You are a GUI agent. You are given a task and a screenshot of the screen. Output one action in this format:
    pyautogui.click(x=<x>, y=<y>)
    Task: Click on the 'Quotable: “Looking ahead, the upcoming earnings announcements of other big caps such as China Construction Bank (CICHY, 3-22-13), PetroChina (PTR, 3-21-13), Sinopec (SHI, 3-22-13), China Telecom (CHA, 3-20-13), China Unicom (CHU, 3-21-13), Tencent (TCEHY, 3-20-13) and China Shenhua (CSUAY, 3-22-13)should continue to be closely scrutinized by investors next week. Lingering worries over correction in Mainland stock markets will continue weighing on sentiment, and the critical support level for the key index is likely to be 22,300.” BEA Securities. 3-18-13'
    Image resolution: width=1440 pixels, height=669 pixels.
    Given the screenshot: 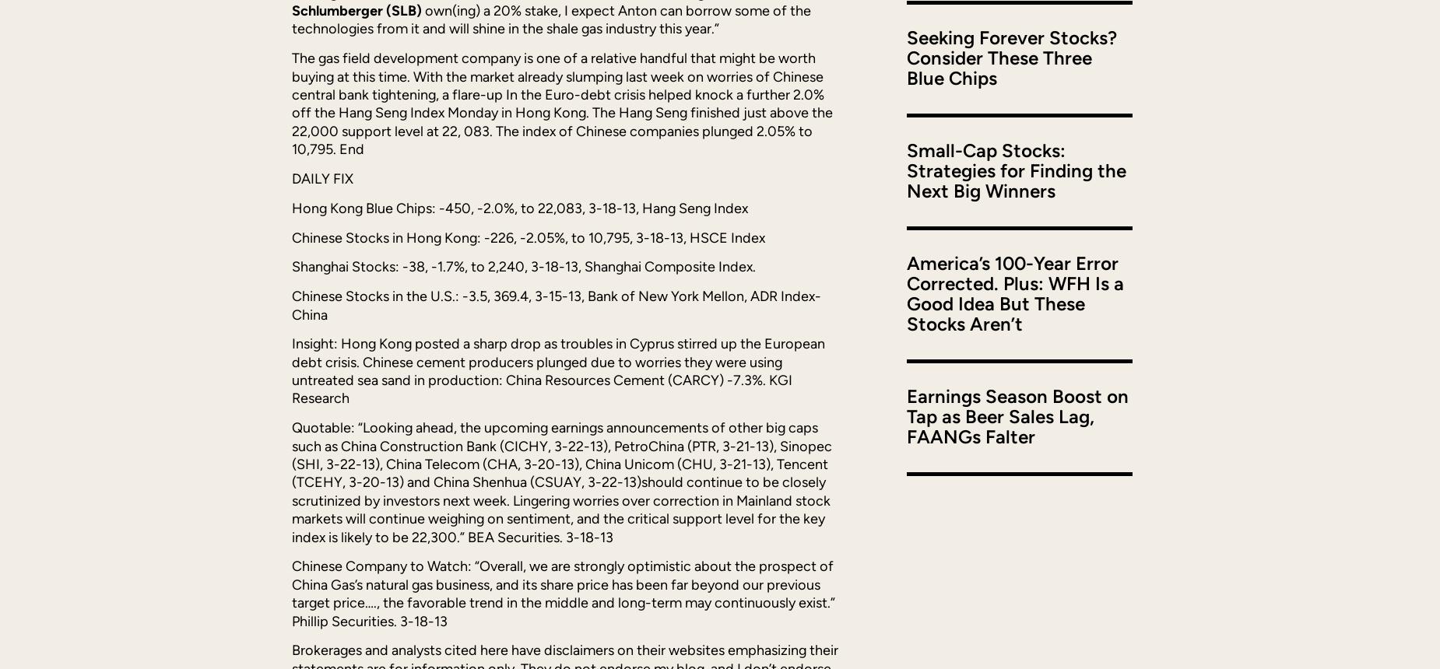 What is the action you would take?
    pyautogui.click(x=562, y=481)
    